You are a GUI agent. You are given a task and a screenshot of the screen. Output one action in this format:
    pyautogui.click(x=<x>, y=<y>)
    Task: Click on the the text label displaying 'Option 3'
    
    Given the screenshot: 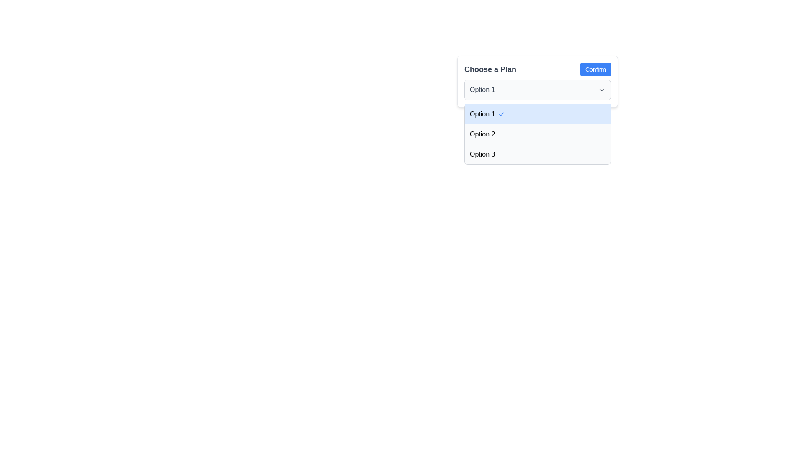 What is the action you would take?
    pyautogui.click(x=482, y=154)
    